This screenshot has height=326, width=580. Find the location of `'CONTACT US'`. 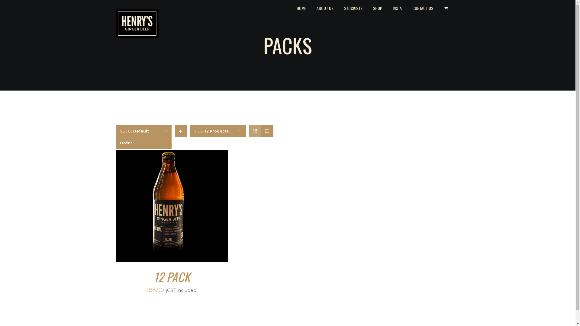

'CONTACT US' is located at coordinates (422, 7).